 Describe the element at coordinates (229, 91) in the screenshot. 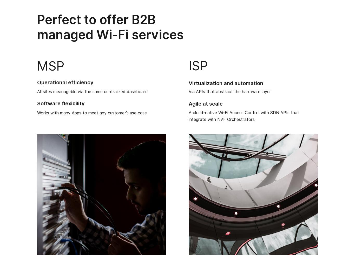

I see `'Via APIs that abstract the hardware layer'` at that location.